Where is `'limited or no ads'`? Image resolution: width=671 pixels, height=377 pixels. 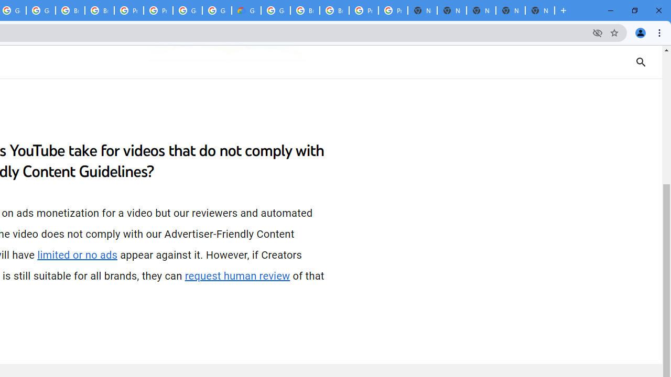
'limited or no ads' is located at coordinates (77, 255).